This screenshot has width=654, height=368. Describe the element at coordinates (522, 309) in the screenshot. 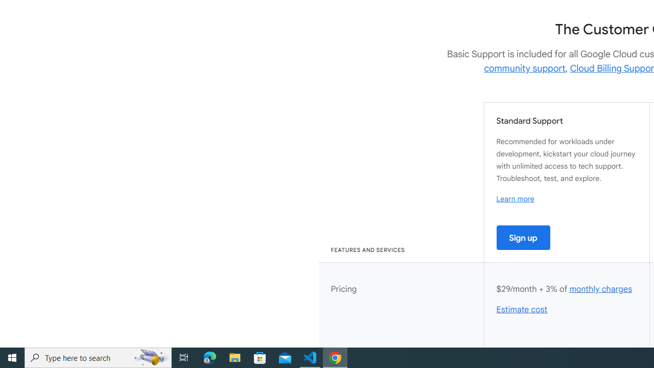

I see `'Estimate cost'` at that location.